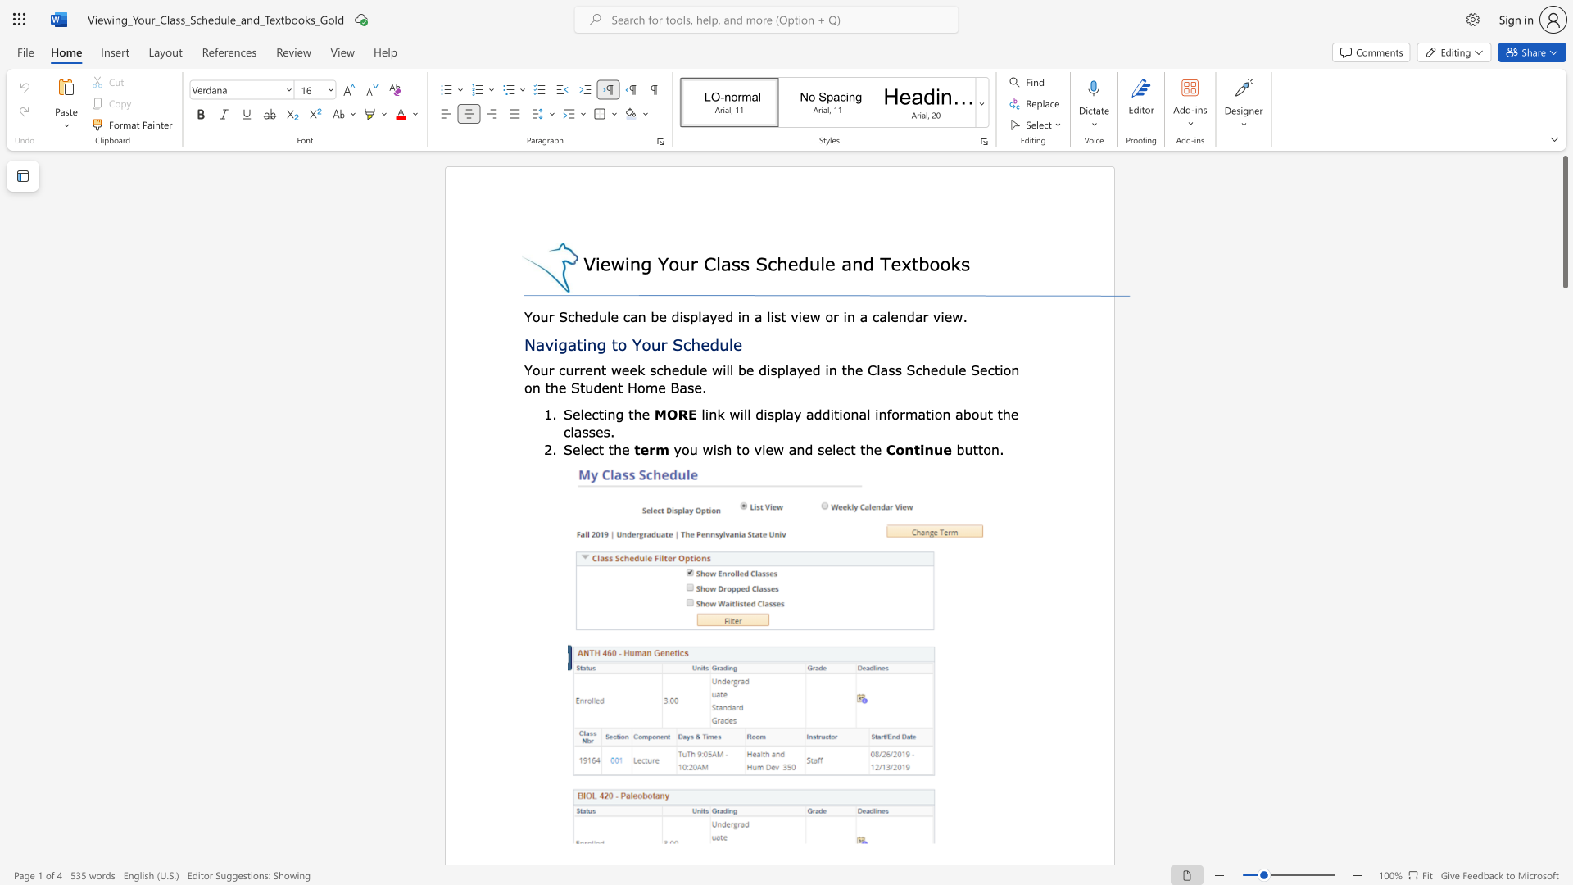  What do you see at coordinates (1564, 385) in the screenshot?
I see `the scrollbar to scroll the page down` at bounding box center [1564, 385].